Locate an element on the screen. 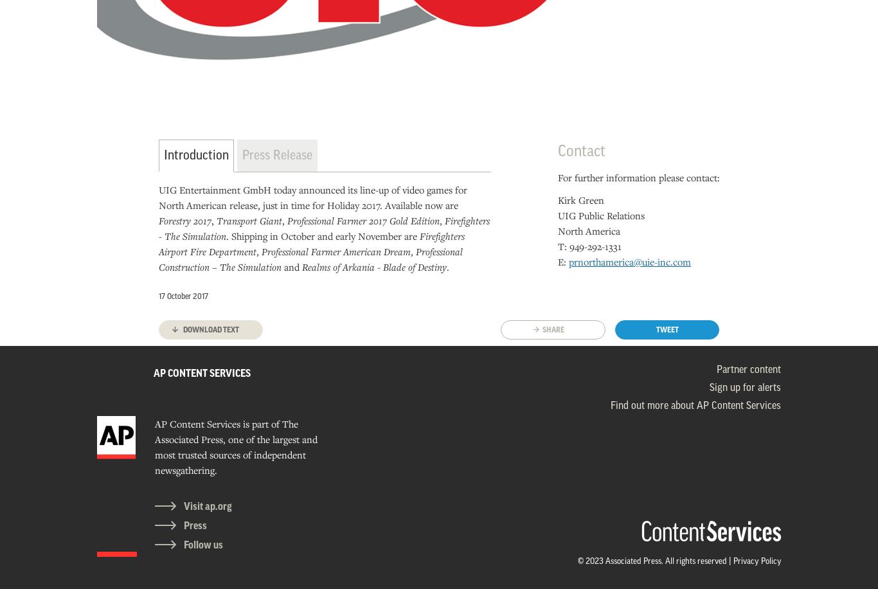 This screenshot has width=878, height=589. 'Professional Farmer American Dream' is located at coordinates (335, 251).